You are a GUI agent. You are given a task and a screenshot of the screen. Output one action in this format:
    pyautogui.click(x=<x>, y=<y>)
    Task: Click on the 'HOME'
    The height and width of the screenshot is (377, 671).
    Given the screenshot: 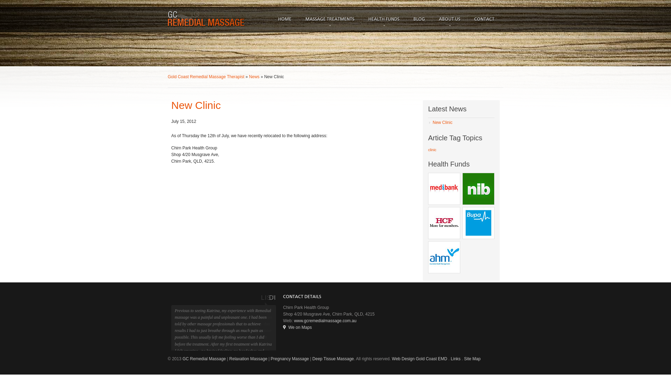 What is the action you would take?
    pyautogui.click(x=285, y=19)
    